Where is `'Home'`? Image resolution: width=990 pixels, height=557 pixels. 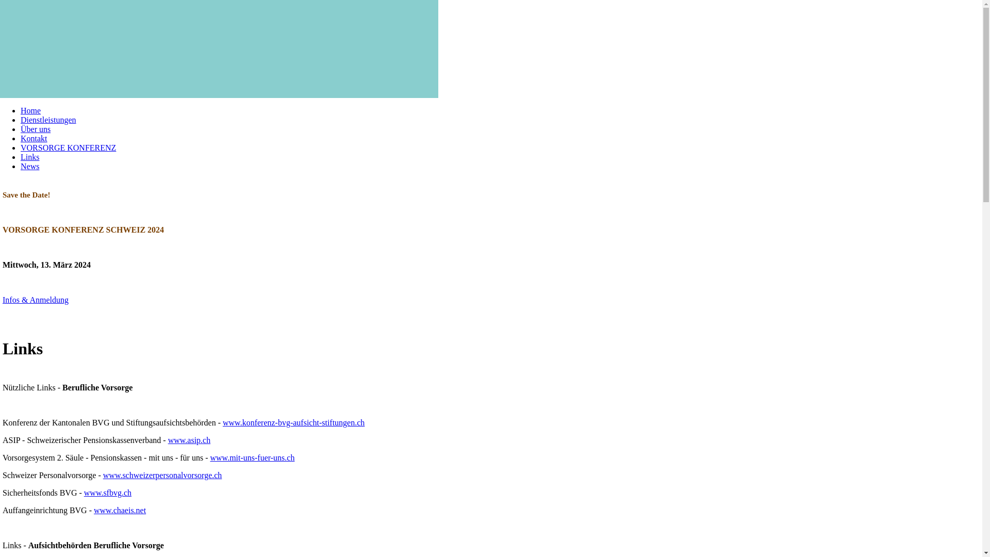 'Home' is located at coordinates (30, 110).